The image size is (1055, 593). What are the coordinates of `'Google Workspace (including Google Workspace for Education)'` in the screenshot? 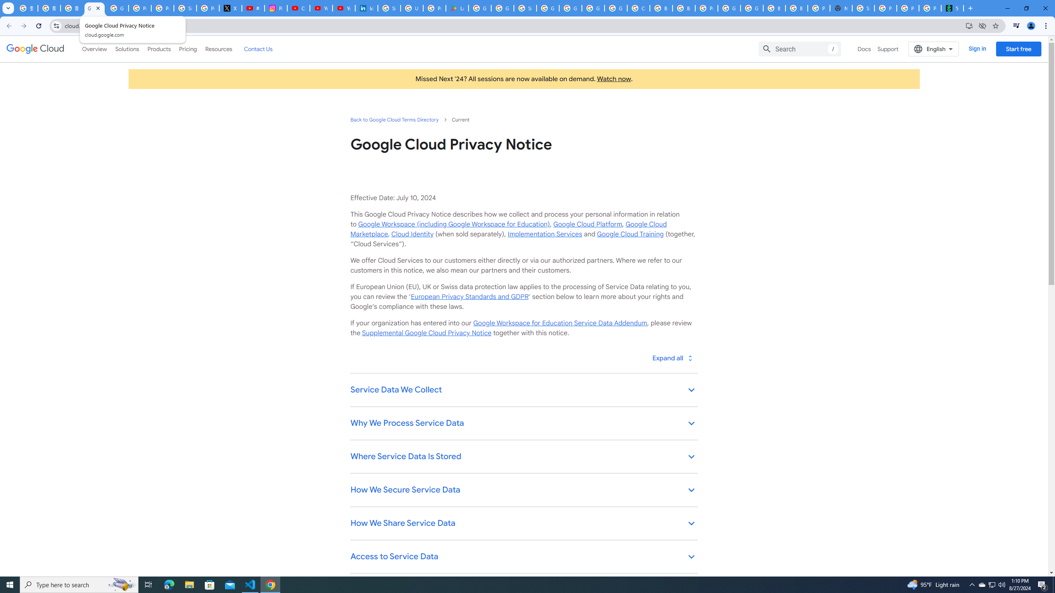 It's located at (453, 224).